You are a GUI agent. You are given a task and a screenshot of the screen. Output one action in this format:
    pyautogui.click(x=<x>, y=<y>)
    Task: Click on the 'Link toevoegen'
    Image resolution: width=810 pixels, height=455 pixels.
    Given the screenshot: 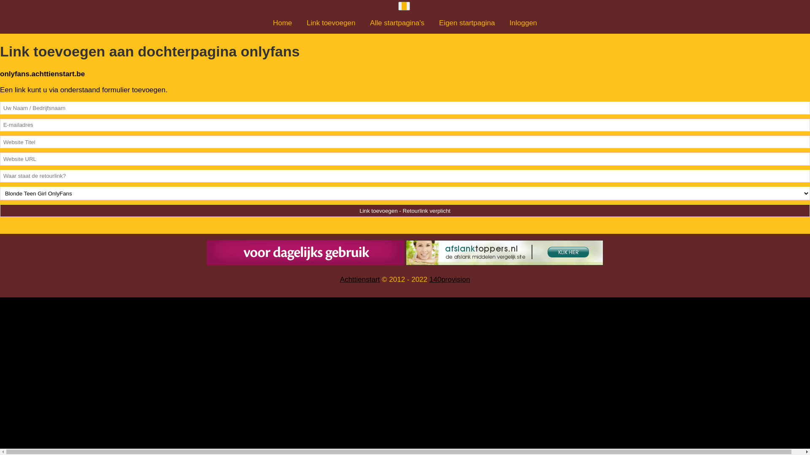 What is the action you would take?
    pyautogui.click(x=330, y=22)
    